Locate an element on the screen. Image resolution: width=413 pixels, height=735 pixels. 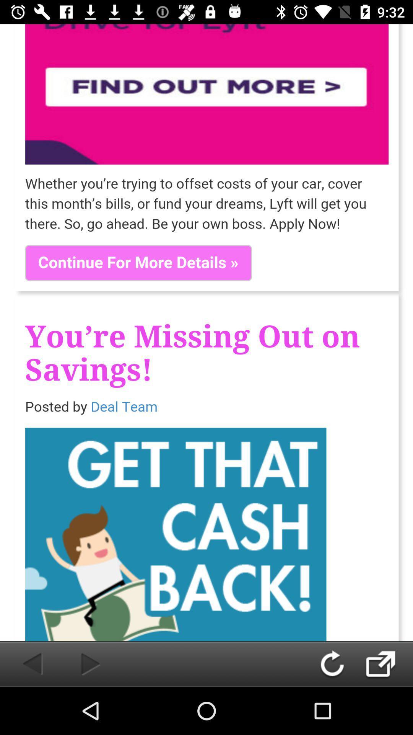
share article is located at coordinates (389, 663).